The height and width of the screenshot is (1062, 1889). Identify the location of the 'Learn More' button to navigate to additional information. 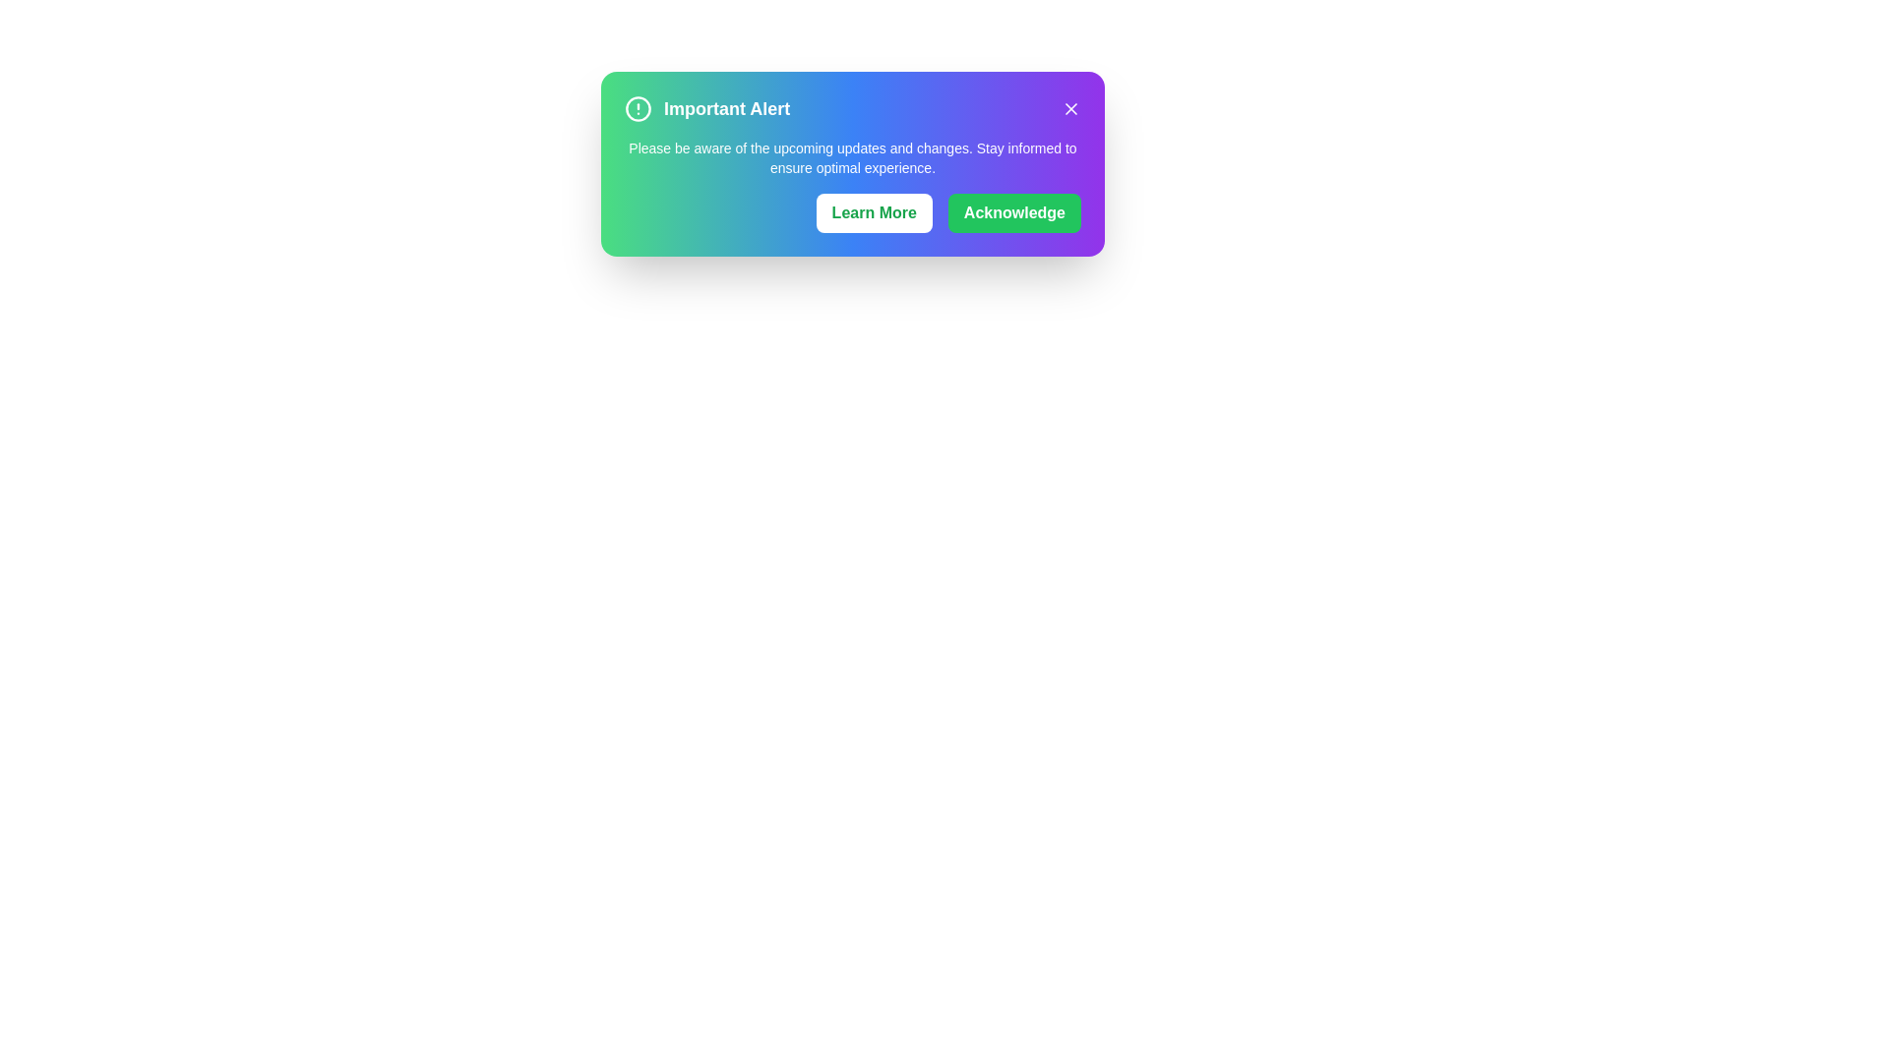
(873, 212).